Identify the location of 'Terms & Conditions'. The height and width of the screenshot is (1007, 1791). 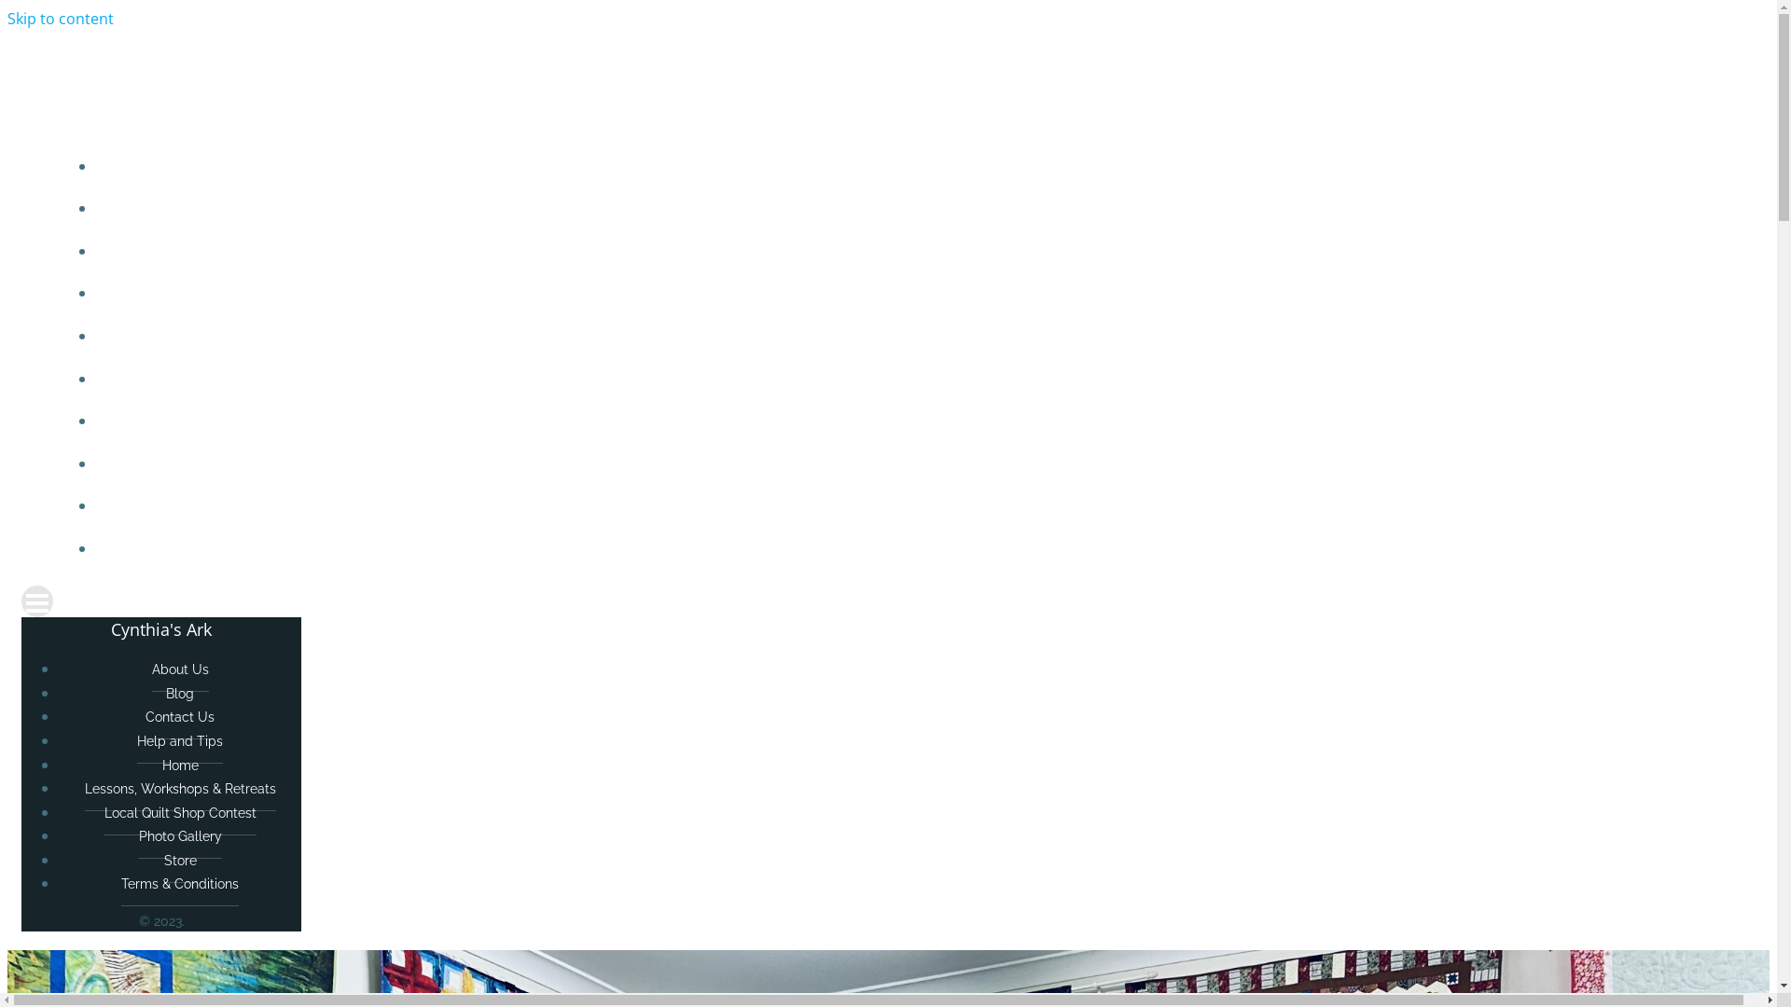
(179, 883).